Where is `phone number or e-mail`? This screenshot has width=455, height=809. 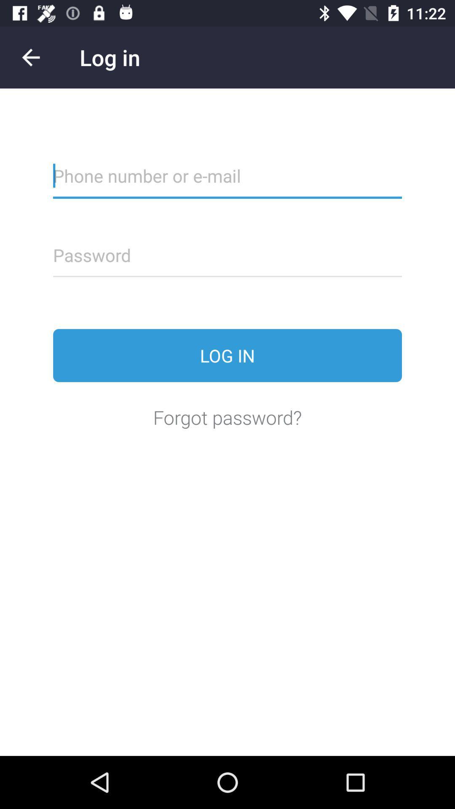
phone number or e-mail is located at coordinates (227, 181).